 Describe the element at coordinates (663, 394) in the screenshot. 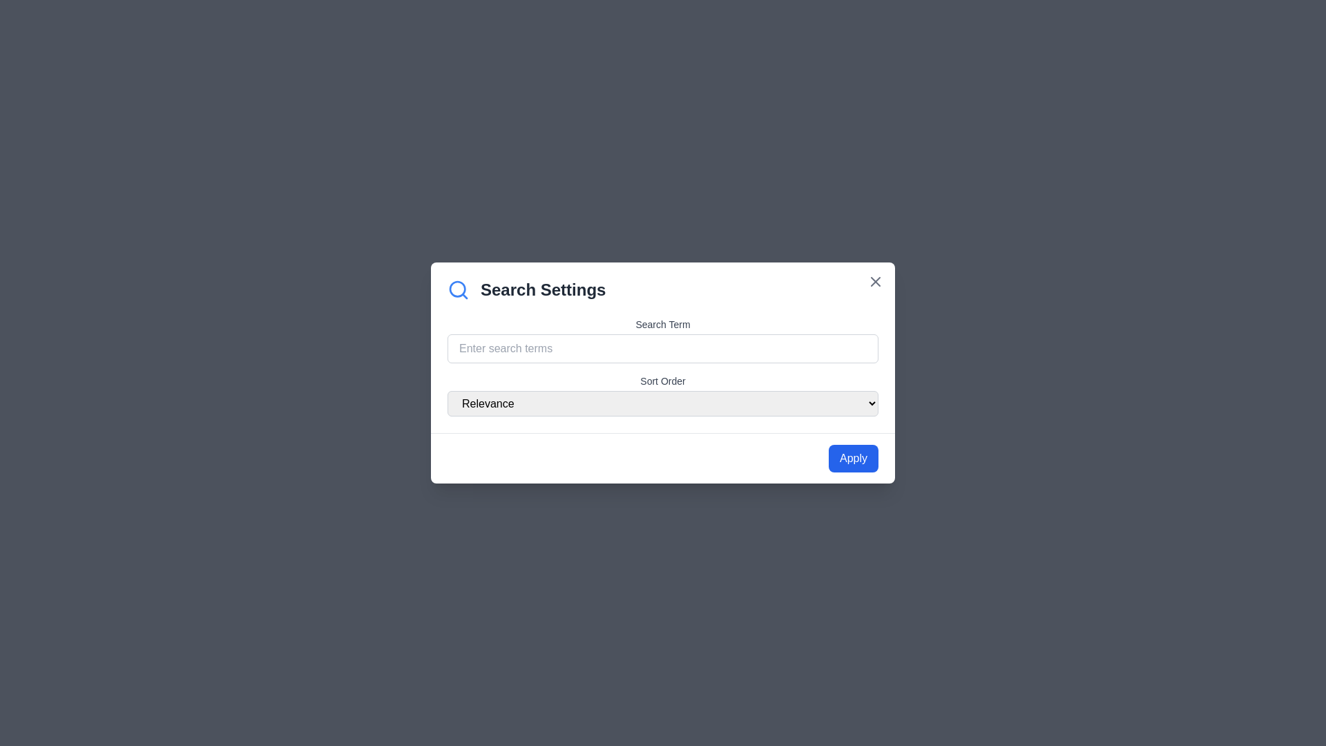

I see `the 'Sort Order' dropdown menu located within the 'Search Settings' modal` at that location.